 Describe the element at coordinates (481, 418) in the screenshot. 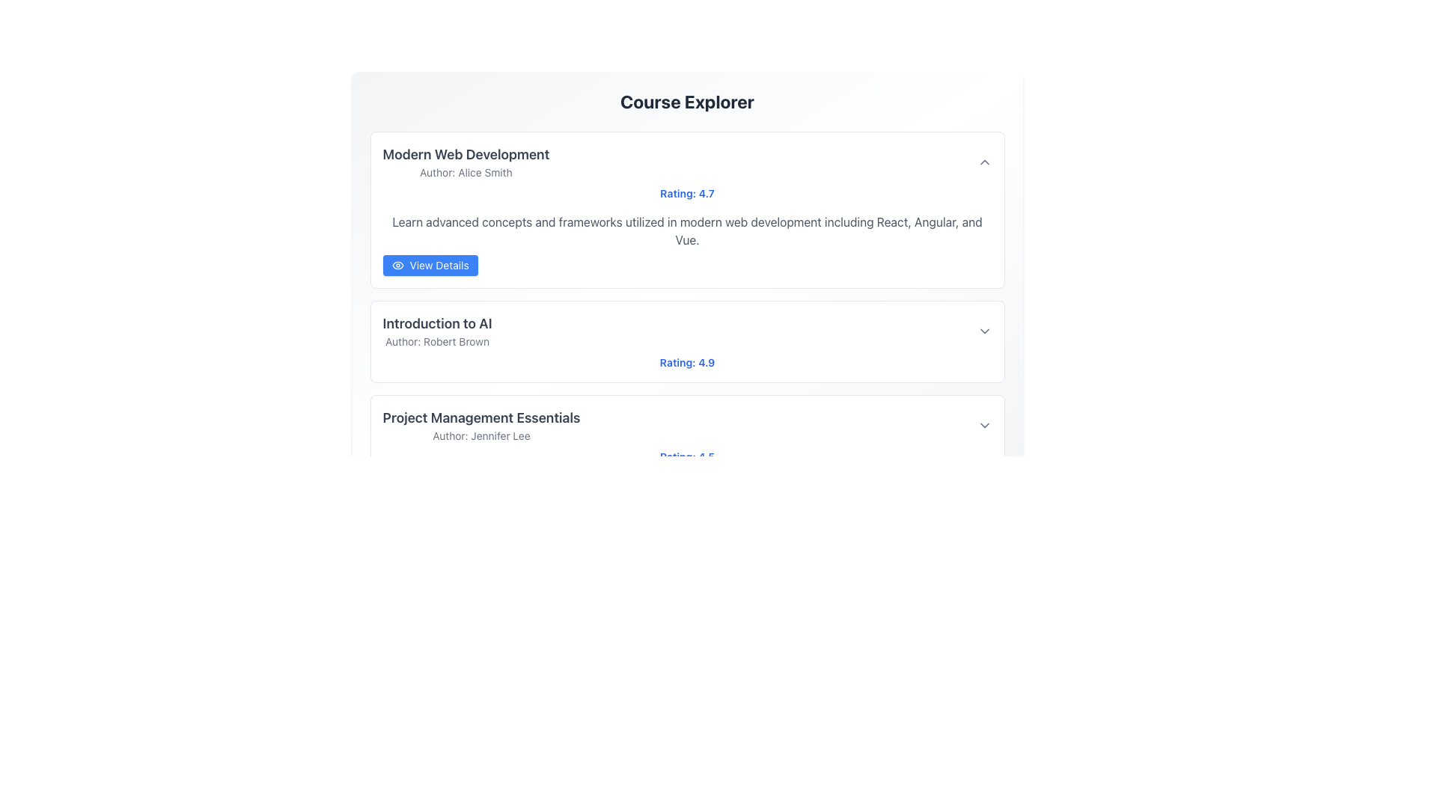

I see `the Text Label that serves as the title or header for the course description, located within a card structure above the author name 'Author: Jennifer Lee'` at that location.